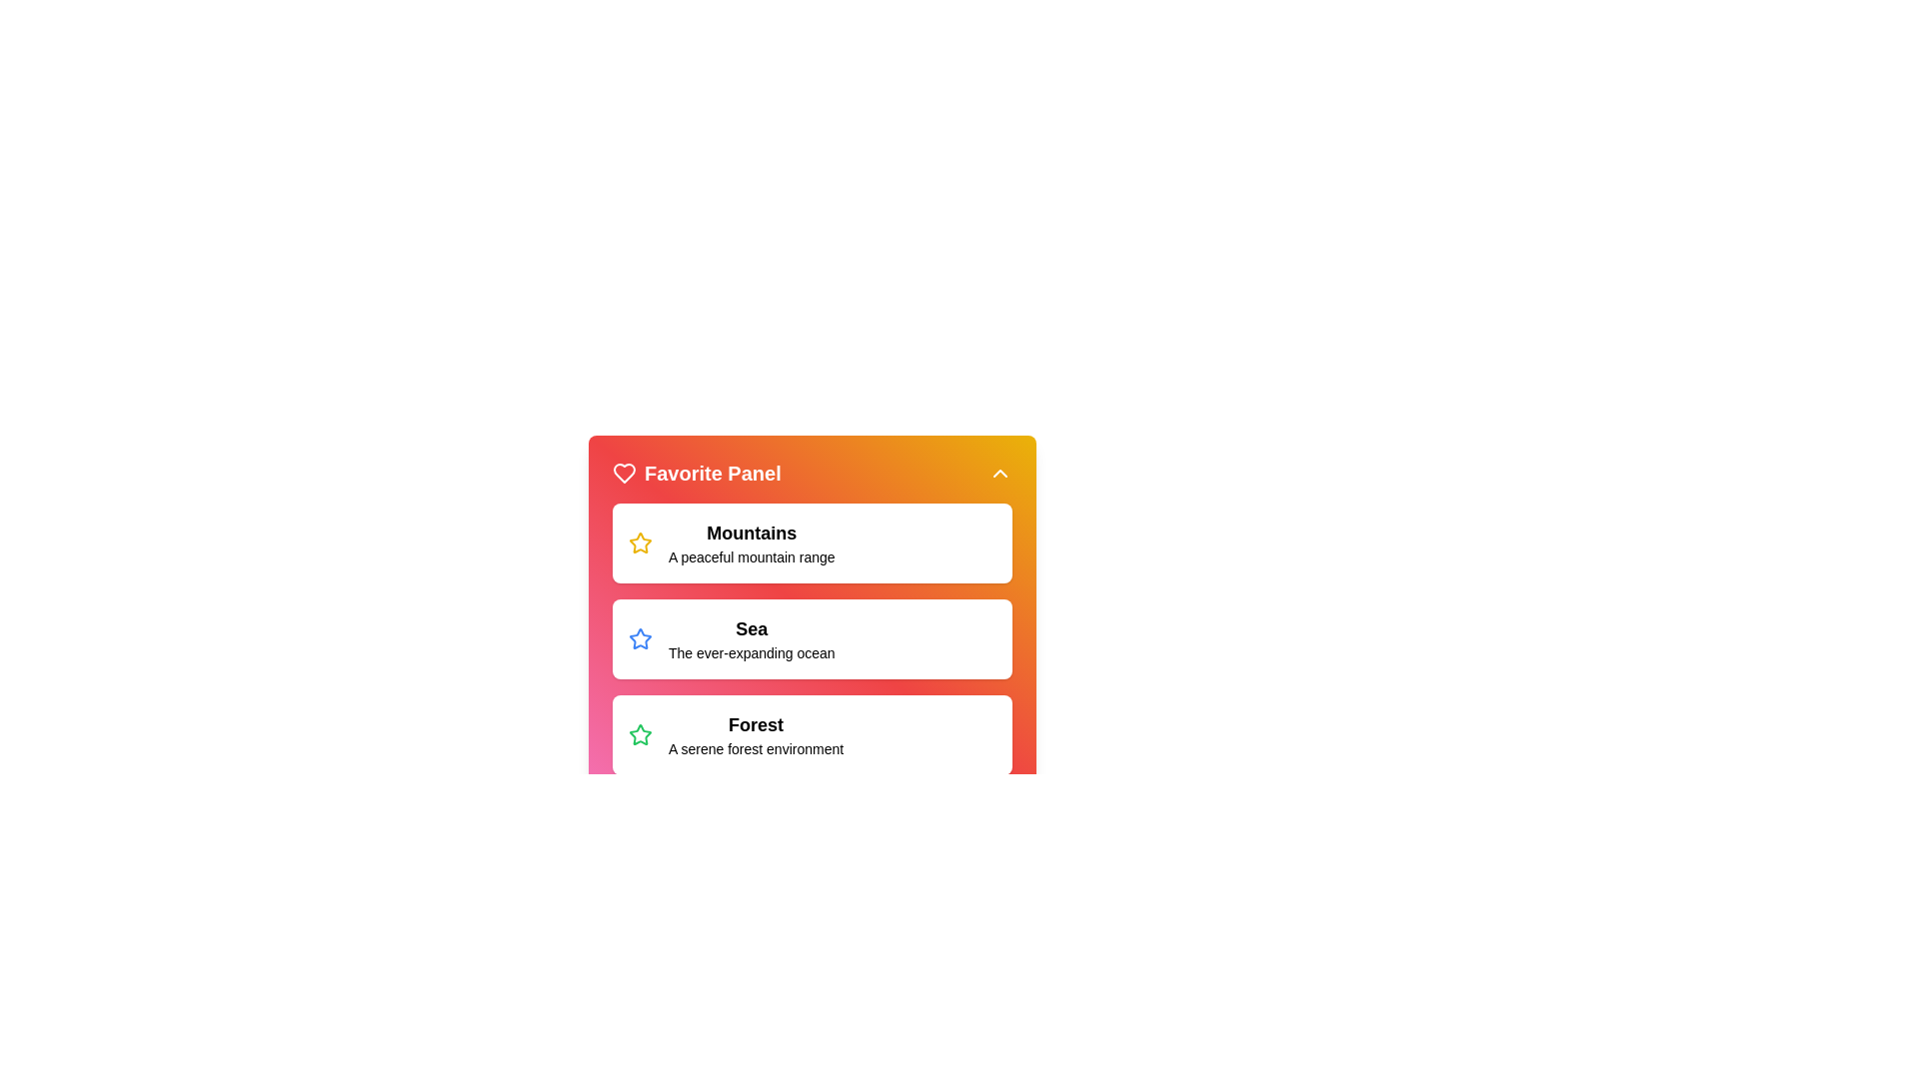  I want to click on the third icon in the vertical list representing the 'Forest' category in the 'Favorite Panel', so click(641, 734).